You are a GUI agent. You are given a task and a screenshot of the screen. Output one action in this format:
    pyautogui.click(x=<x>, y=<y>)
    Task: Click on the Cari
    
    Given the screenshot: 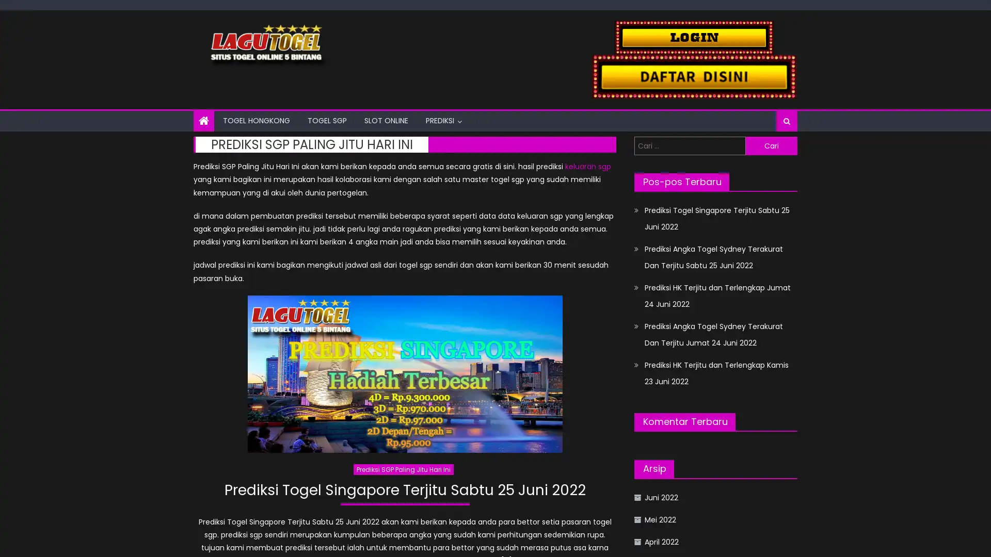 What is the action you would take?
    pyautogui.click(x=771, y=145)
    